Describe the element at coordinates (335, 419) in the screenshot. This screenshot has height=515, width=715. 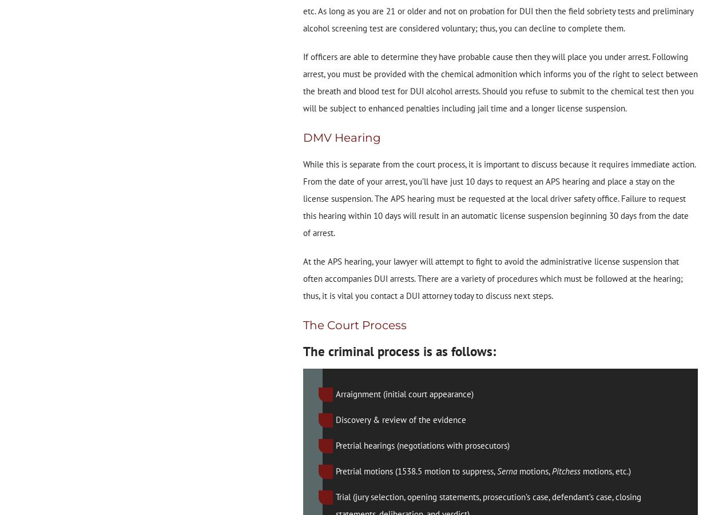
I see `'Discovery & review of the evidence'` at that location.